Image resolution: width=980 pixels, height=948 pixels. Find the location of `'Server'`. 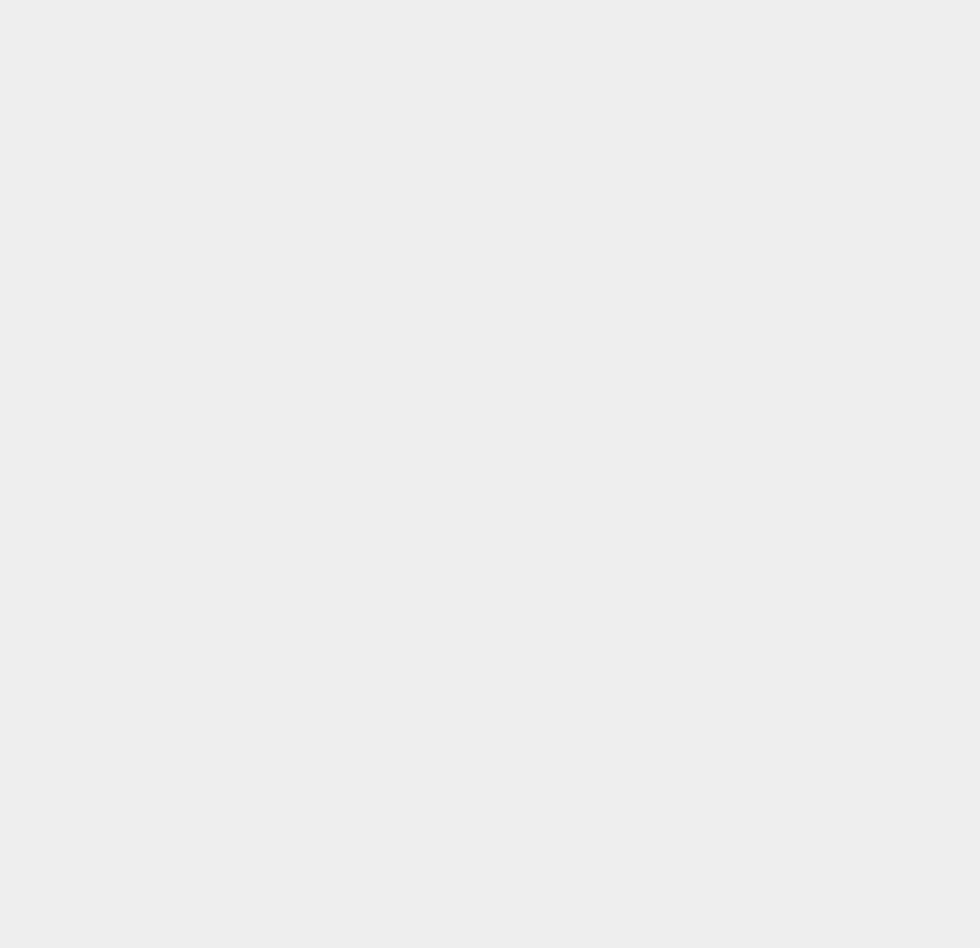

'Server' is located at coordinates (710, 764).